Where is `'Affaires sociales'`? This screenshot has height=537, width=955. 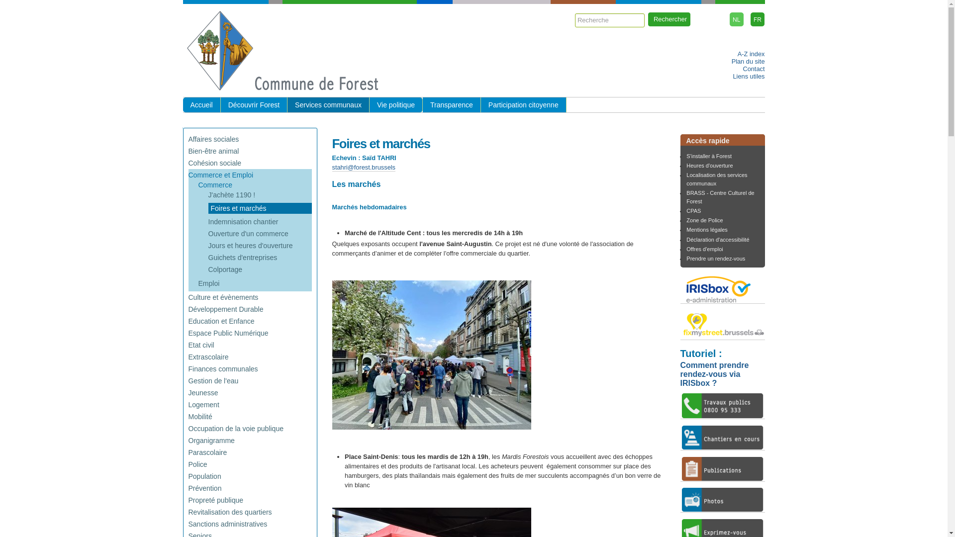
'Affaires sociales' is located at coordinates (212, 139).